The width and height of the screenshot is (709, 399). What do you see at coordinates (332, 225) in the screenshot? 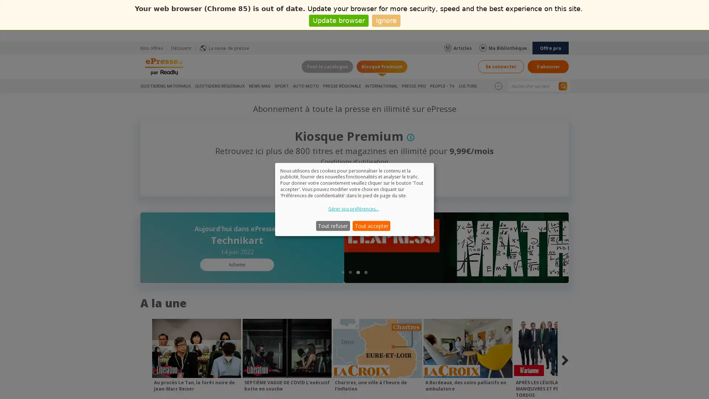
I see `Tout refuser` at bounding box center [332, 225].